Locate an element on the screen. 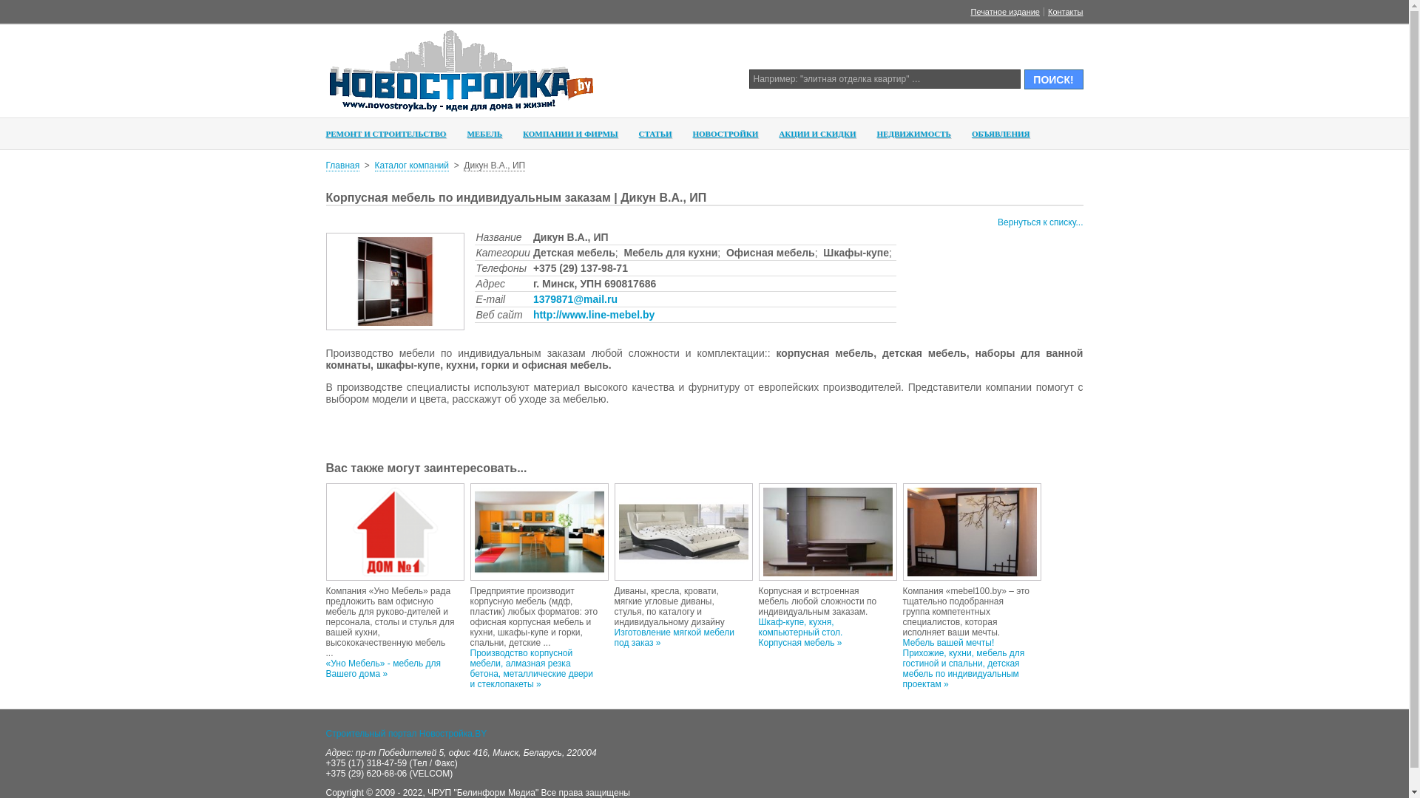 Image resolution: width=1420 pixels, height=798 pixels. '1379871@mail.ru' is located at coordinates (574, 299).